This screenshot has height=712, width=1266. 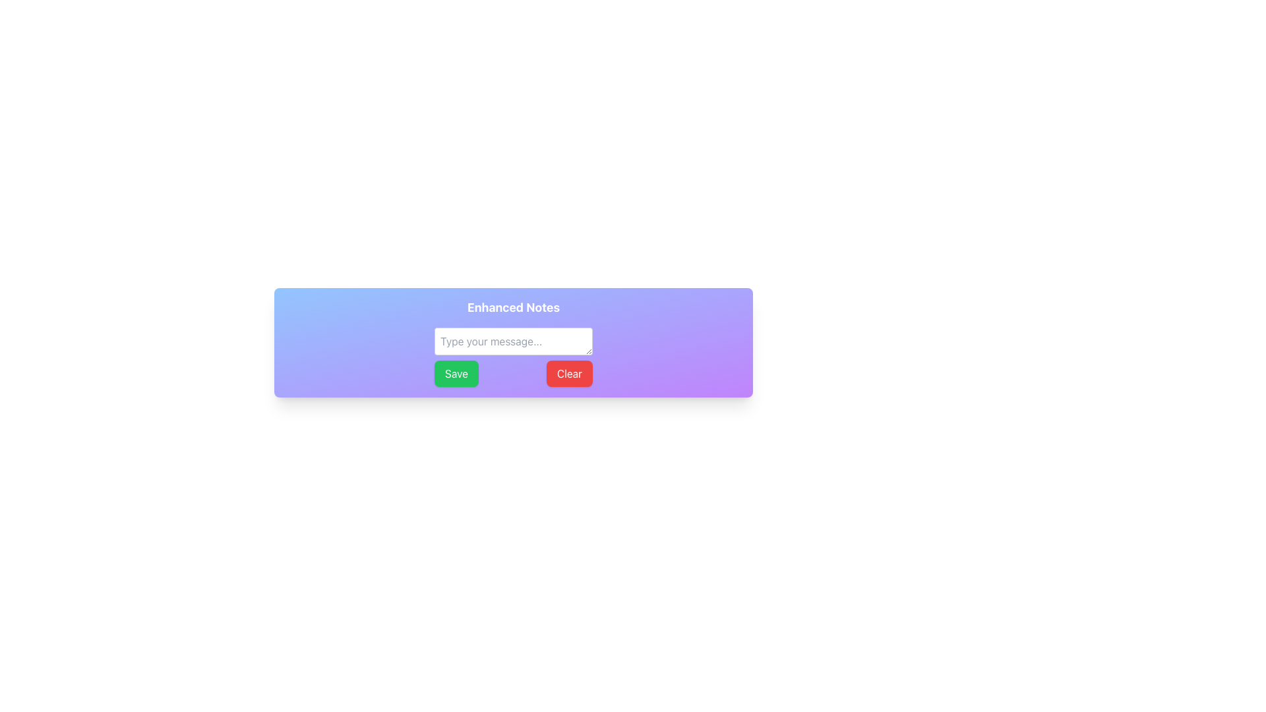 What do you see at coordinates (570, 374) in the screenshot?
I see `the rectangular 'Clear' button with a red background and white text located to the right of the 'Save' button` at bounding box center [570, 374].